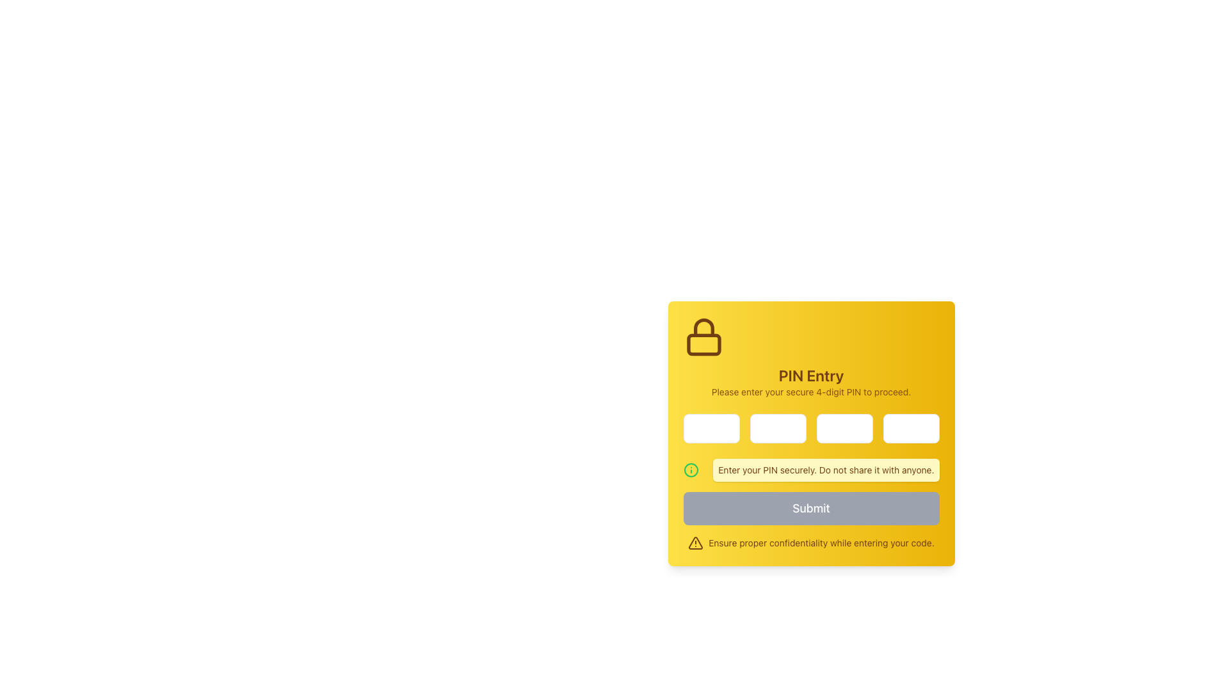 The width and height of the screenshot is (1229, 691). What do you see at coordinates (844, 429) in the screenshot?
I see `the third password input field in the grid layout to focus and enter a single character` at bounding box center [844, 429].